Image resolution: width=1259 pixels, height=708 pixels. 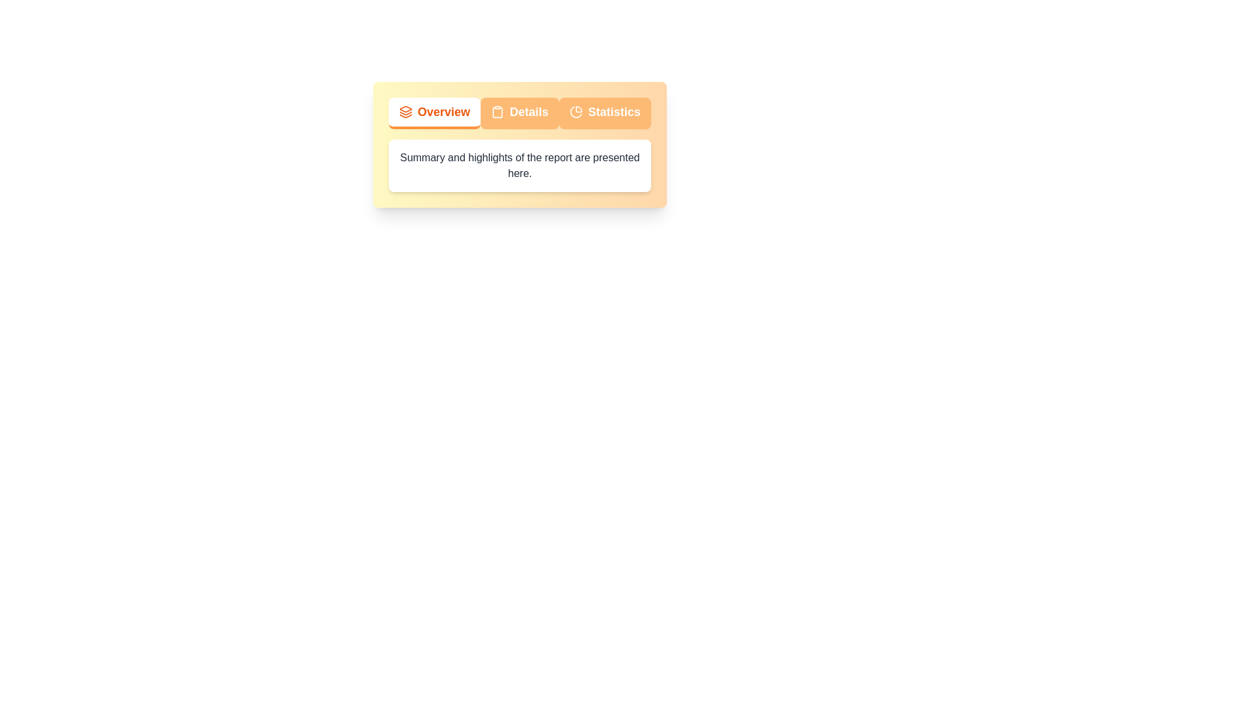 I want to click on the first tab labeled 'Overview' in the tabbed navigation interface, so click(x=443, y=111).